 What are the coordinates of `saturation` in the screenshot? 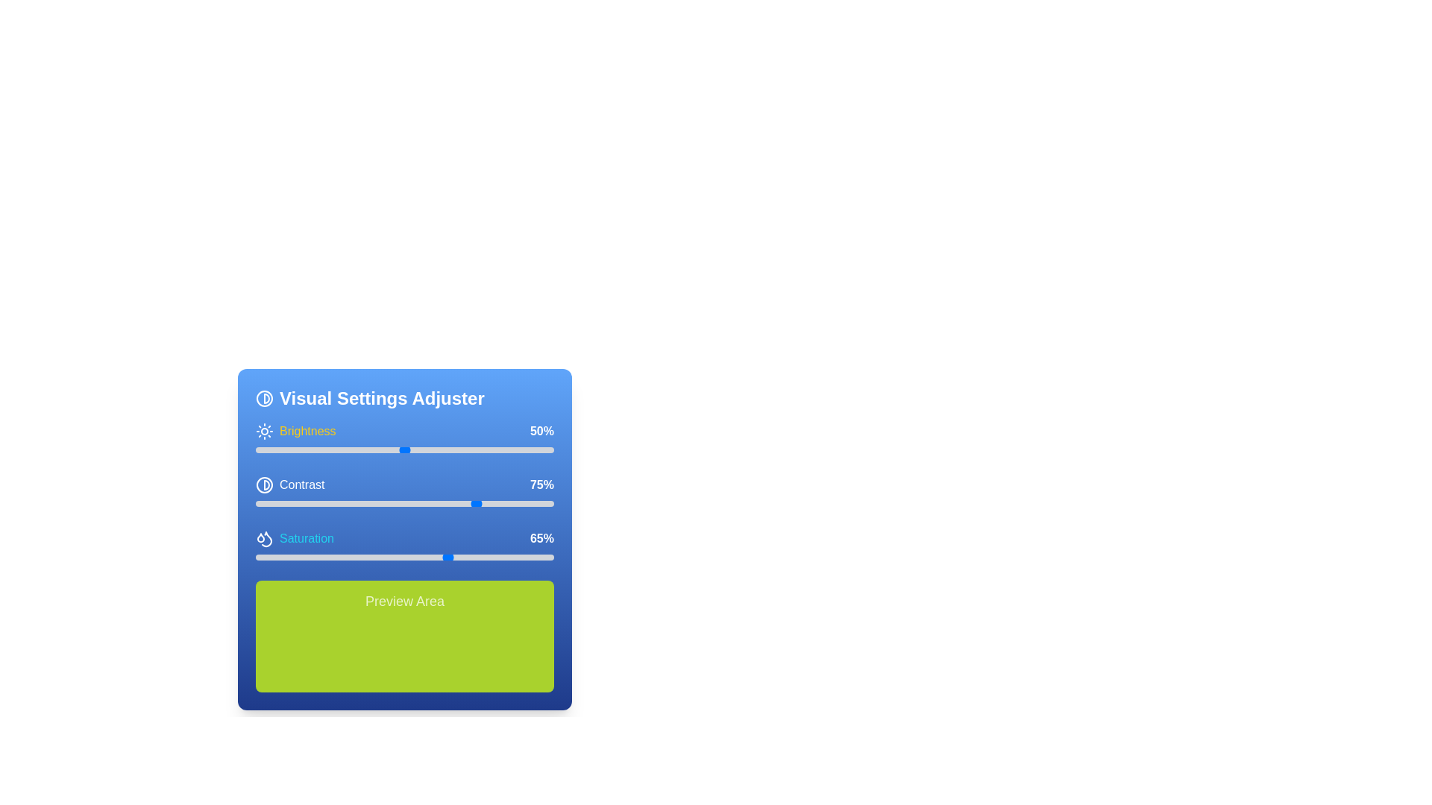 It's located at (380, 558).